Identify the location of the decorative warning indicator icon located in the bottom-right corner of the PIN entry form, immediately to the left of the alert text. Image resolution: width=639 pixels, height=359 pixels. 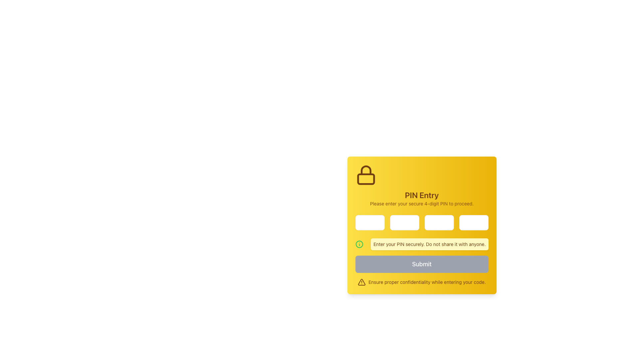
(361, 282).